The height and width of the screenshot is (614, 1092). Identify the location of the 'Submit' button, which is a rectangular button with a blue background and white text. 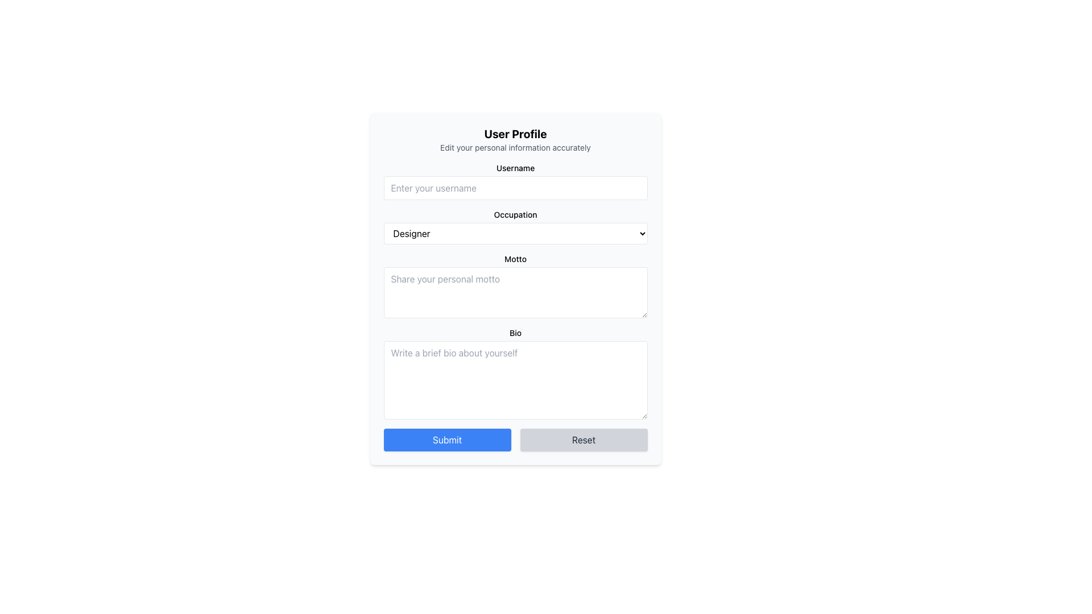
(446, 439).